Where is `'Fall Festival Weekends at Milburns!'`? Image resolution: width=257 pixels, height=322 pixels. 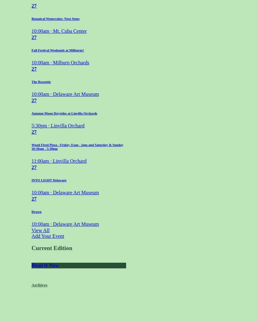 'Fall Festival Weekends at Milburns!' is located at coordinates (57, 50).